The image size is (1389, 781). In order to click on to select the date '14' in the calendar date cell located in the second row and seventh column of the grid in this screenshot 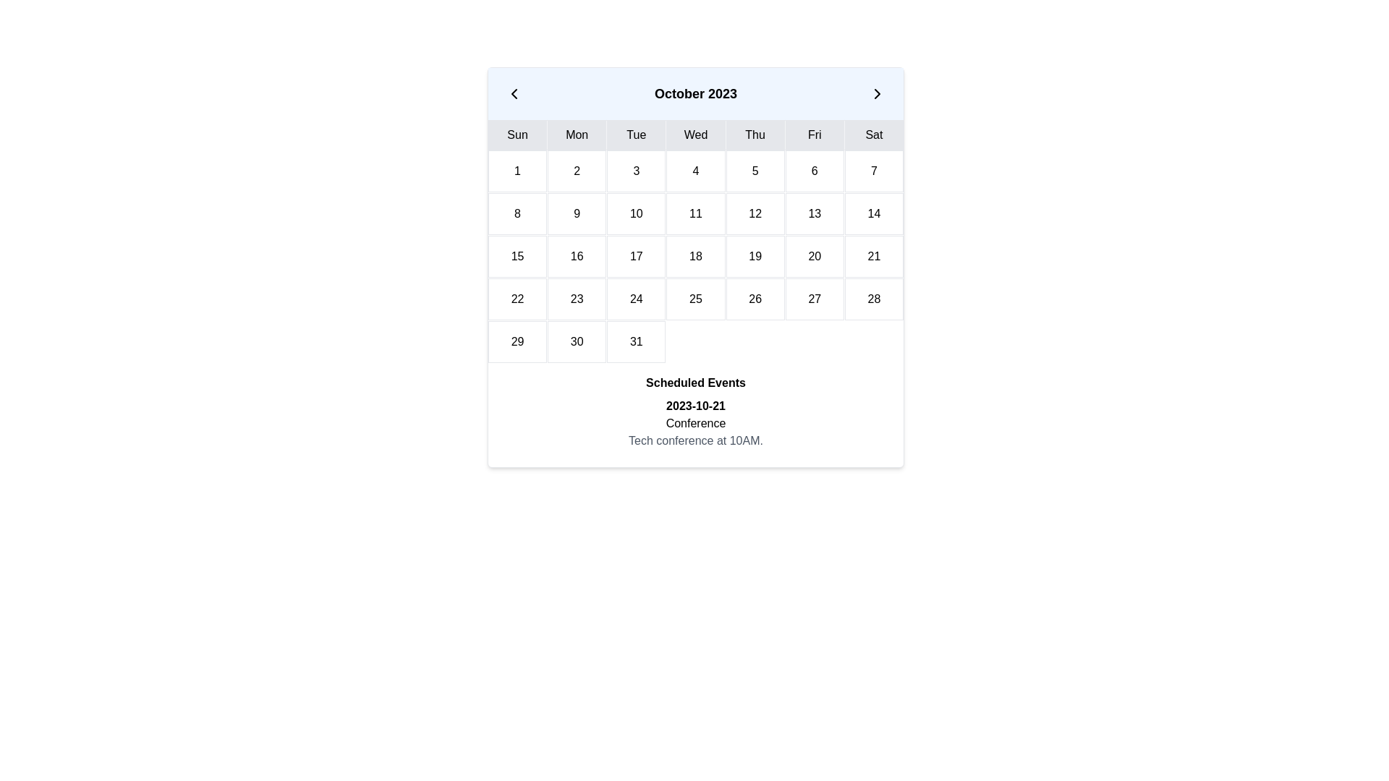, I will do `click(873, 214)`.